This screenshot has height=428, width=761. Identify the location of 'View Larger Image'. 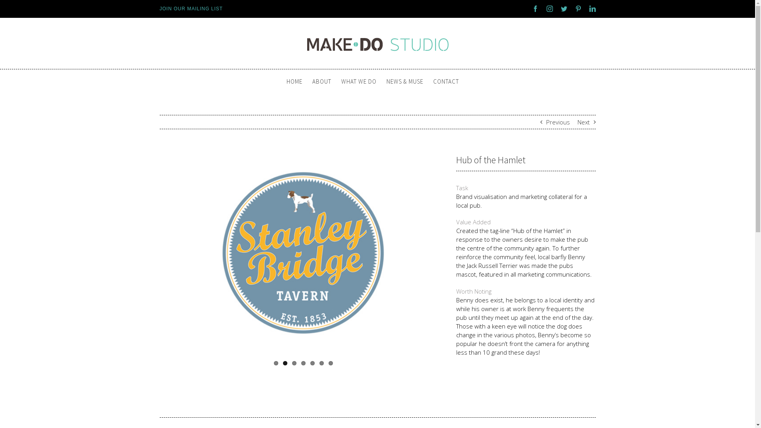
(302, 261).